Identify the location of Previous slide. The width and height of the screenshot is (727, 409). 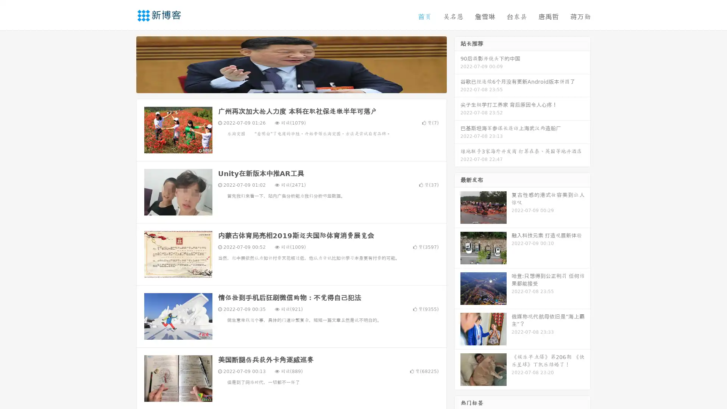
(125, 64).